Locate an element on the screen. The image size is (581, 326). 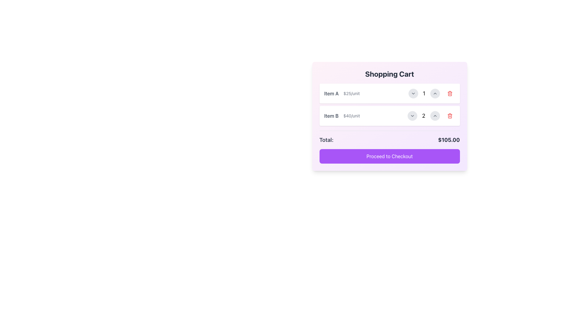
the text label displaying the item name in the shopping cart, which is positioned horizontally alongside the price label is located at coordinates (331, 116).